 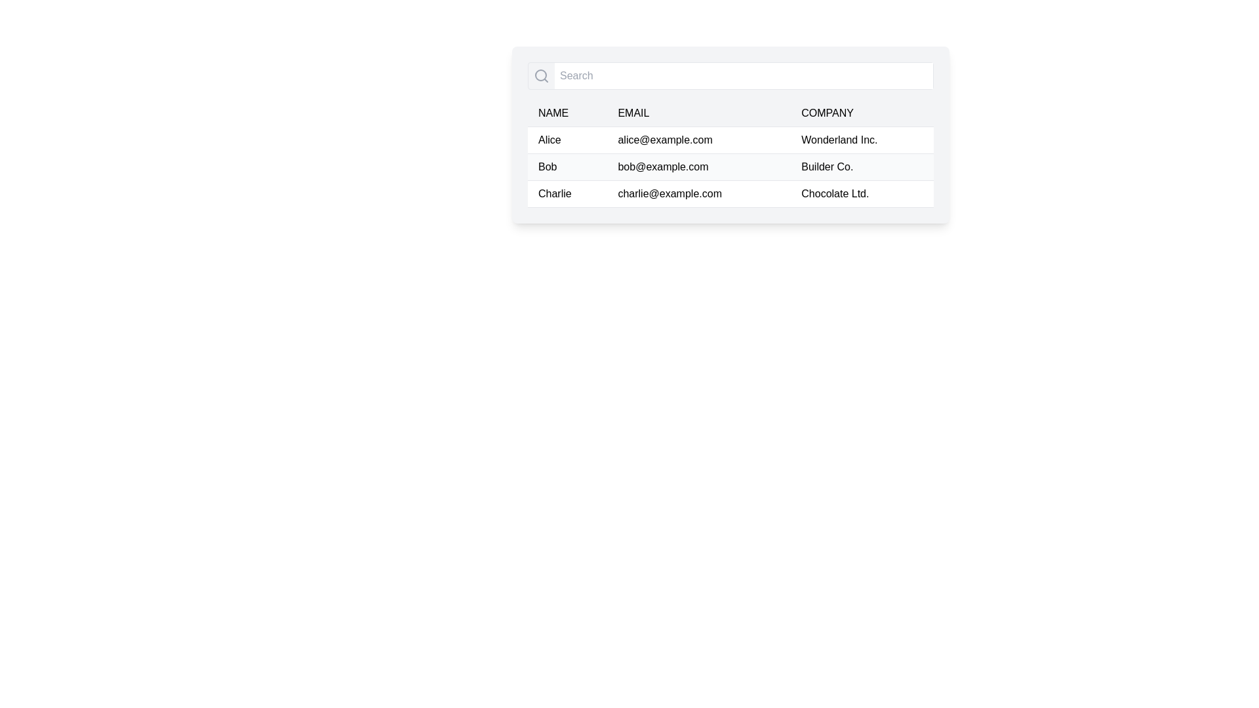 What do you see at coordinates (698, 140) in the screenshot?
I see `the email address text label located in the second column of the first row of the table, which displays the email associated with 'Alice' from 'Wonderland Inc.'` at bounding box center [698, 140].